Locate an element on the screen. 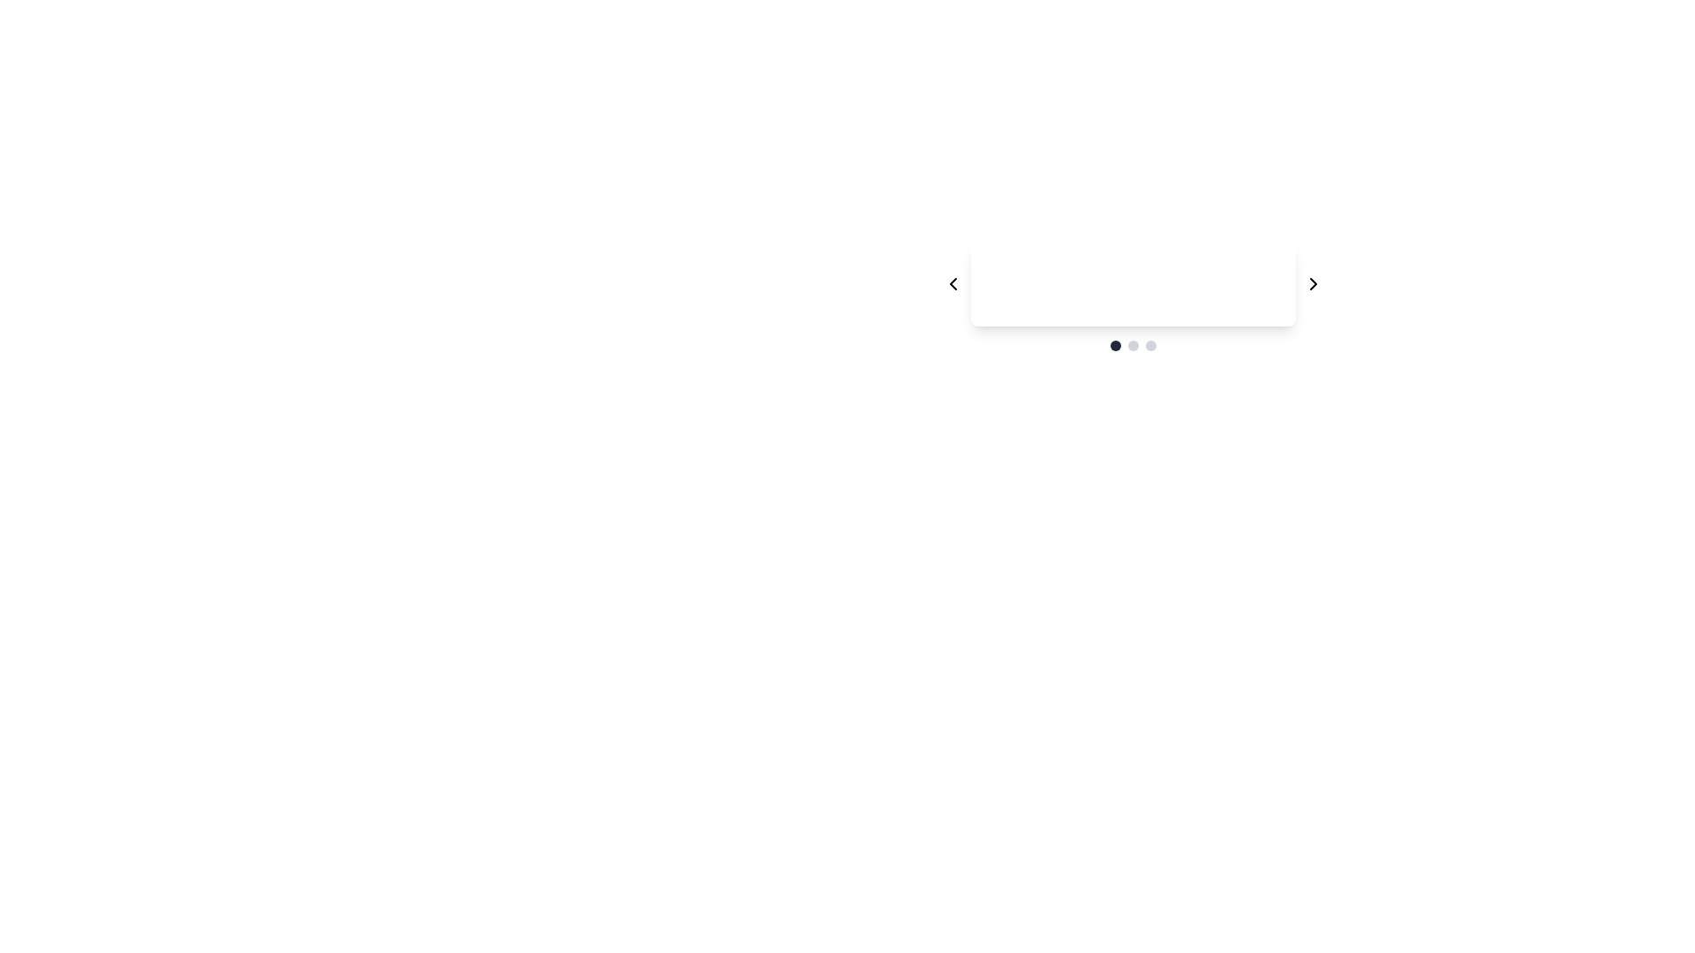  the leftmost navigation button to move to the previous profile or item in the sequence is located at coordinates (953, 282).